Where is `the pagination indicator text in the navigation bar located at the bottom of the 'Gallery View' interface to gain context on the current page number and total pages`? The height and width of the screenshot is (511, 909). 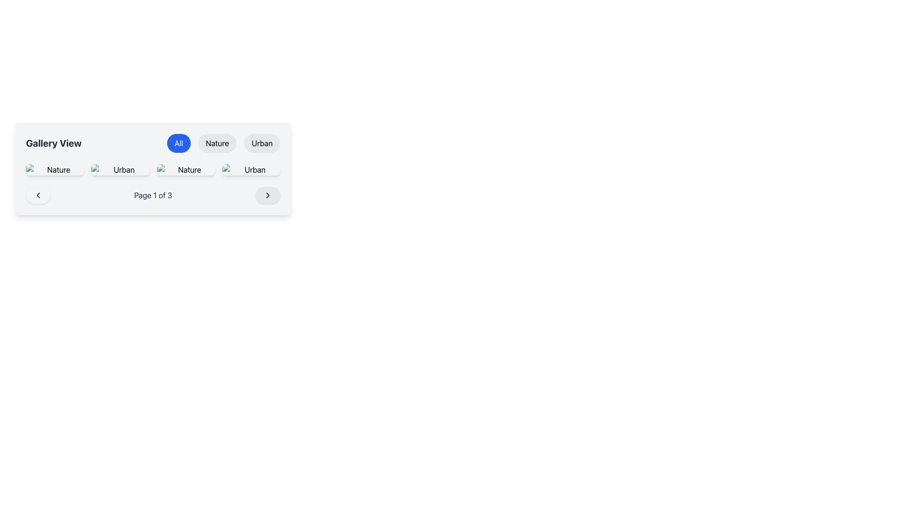 the pagination indicator text in the navigation bar located at the bottom of the 'Gallery View' interface to gain context on the current page number and total pages is located at coordinates (153, 194).